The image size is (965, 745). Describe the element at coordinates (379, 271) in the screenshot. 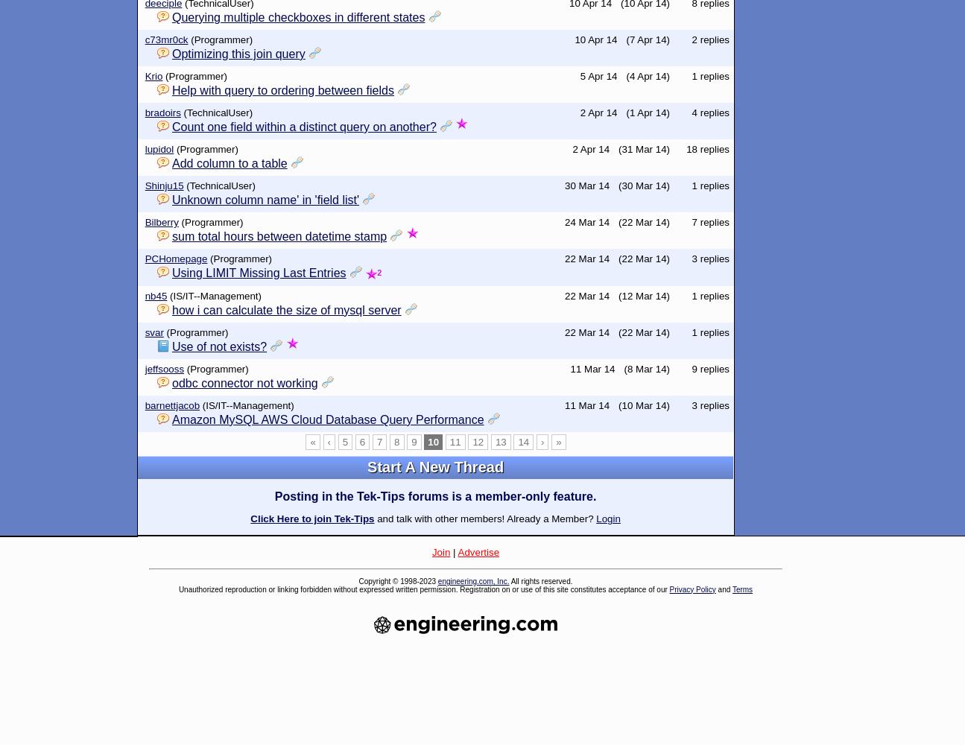

I see `'2'` at that location.